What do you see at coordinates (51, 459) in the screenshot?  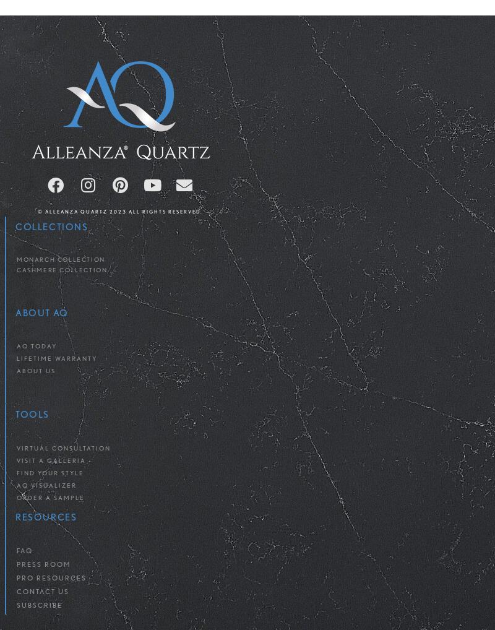 I see `'VISIT A GALLERIA'` at bounding box center [51, 459].